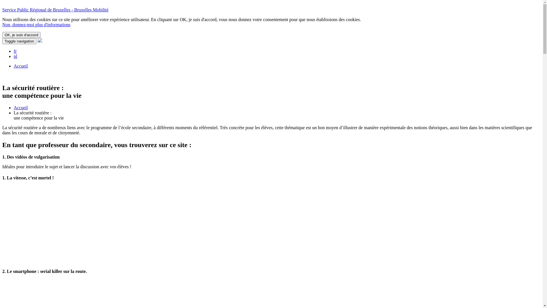  I want to click on 'Toggle navigation', so click(2, 41).